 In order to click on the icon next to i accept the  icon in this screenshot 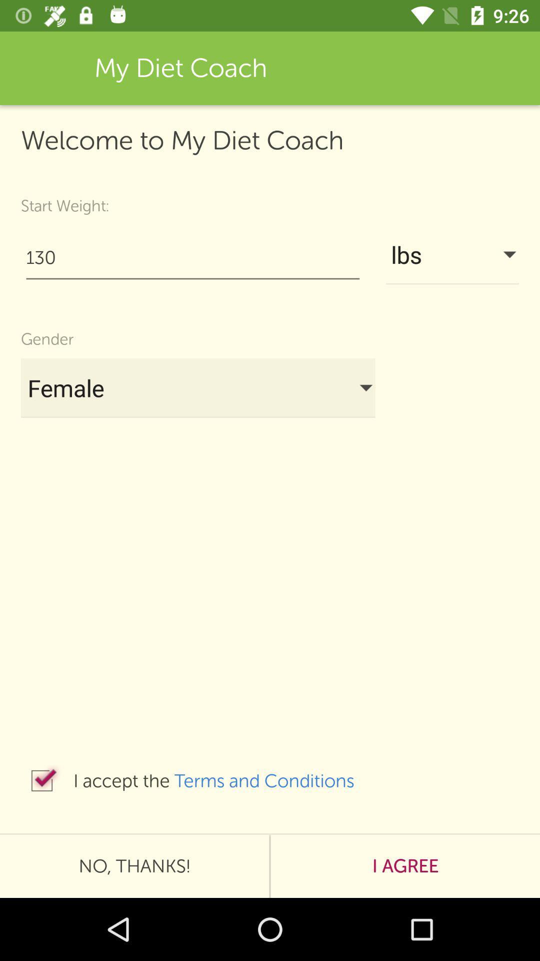, I will do `click(41, 780)`.